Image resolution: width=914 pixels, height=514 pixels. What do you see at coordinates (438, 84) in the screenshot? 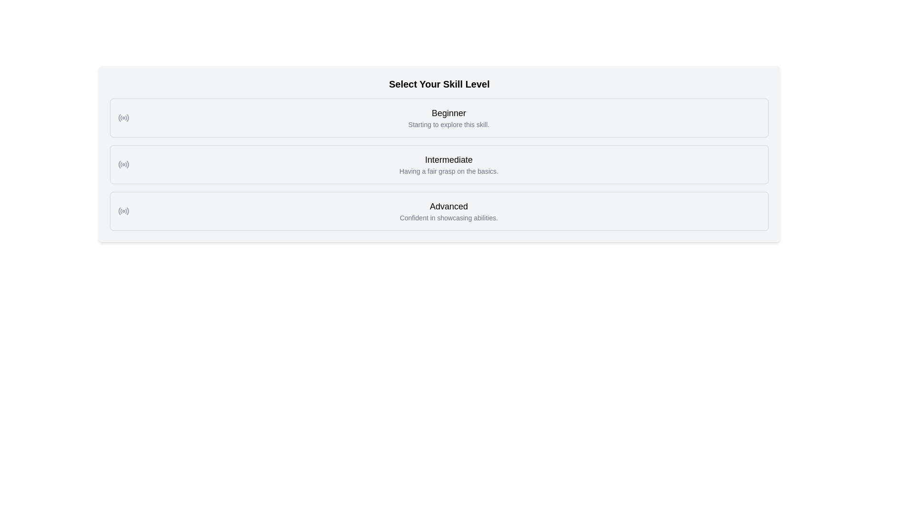
I see `header text that introduces the purpose of the card, which is centrally aligned at the top of the card` at bounding box center [438, 84].